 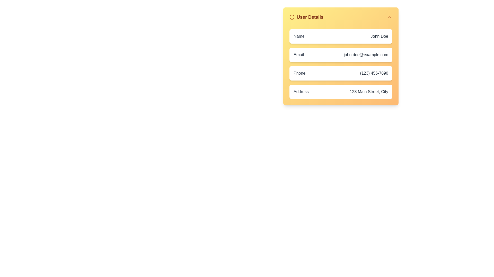 I want to click on the chevron upward icon button in vivid orange color located in the top-right corner of the 'User Details' panel, so click(x=390, y=17).